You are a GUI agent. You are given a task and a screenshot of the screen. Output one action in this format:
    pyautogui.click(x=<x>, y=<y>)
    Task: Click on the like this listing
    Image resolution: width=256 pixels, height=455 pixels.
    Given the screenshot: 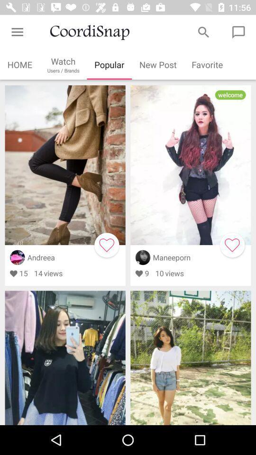 What is the action you would take?
    pyautogui.click(x=232, y=245)
    